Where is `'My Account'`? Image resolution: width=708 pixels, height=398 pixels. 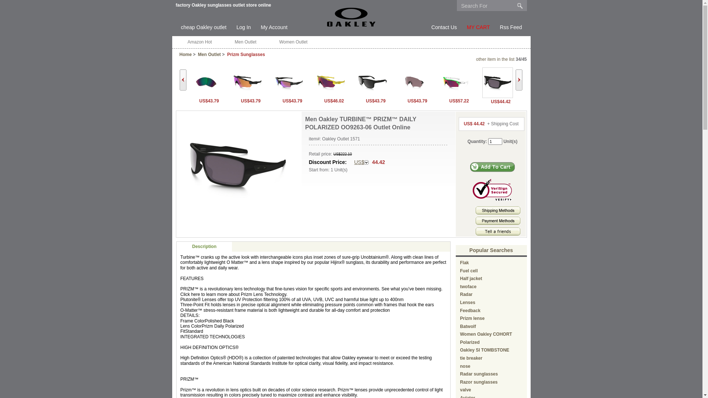 'My Account' is located at coordinates (260, 27).